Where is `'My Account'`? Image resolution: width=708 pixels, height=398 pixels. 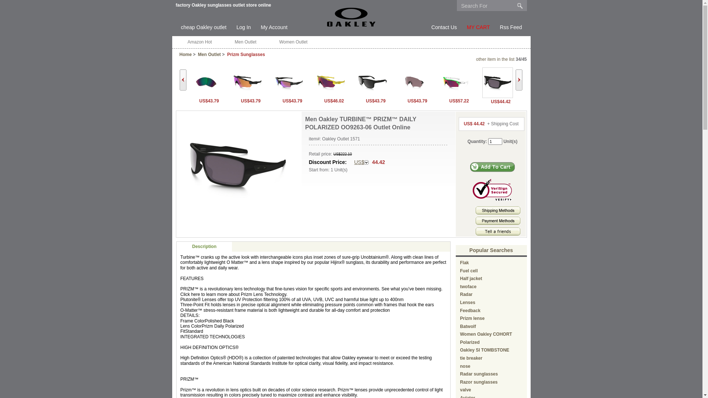 'My Account' is located at coordinates (260, 27).